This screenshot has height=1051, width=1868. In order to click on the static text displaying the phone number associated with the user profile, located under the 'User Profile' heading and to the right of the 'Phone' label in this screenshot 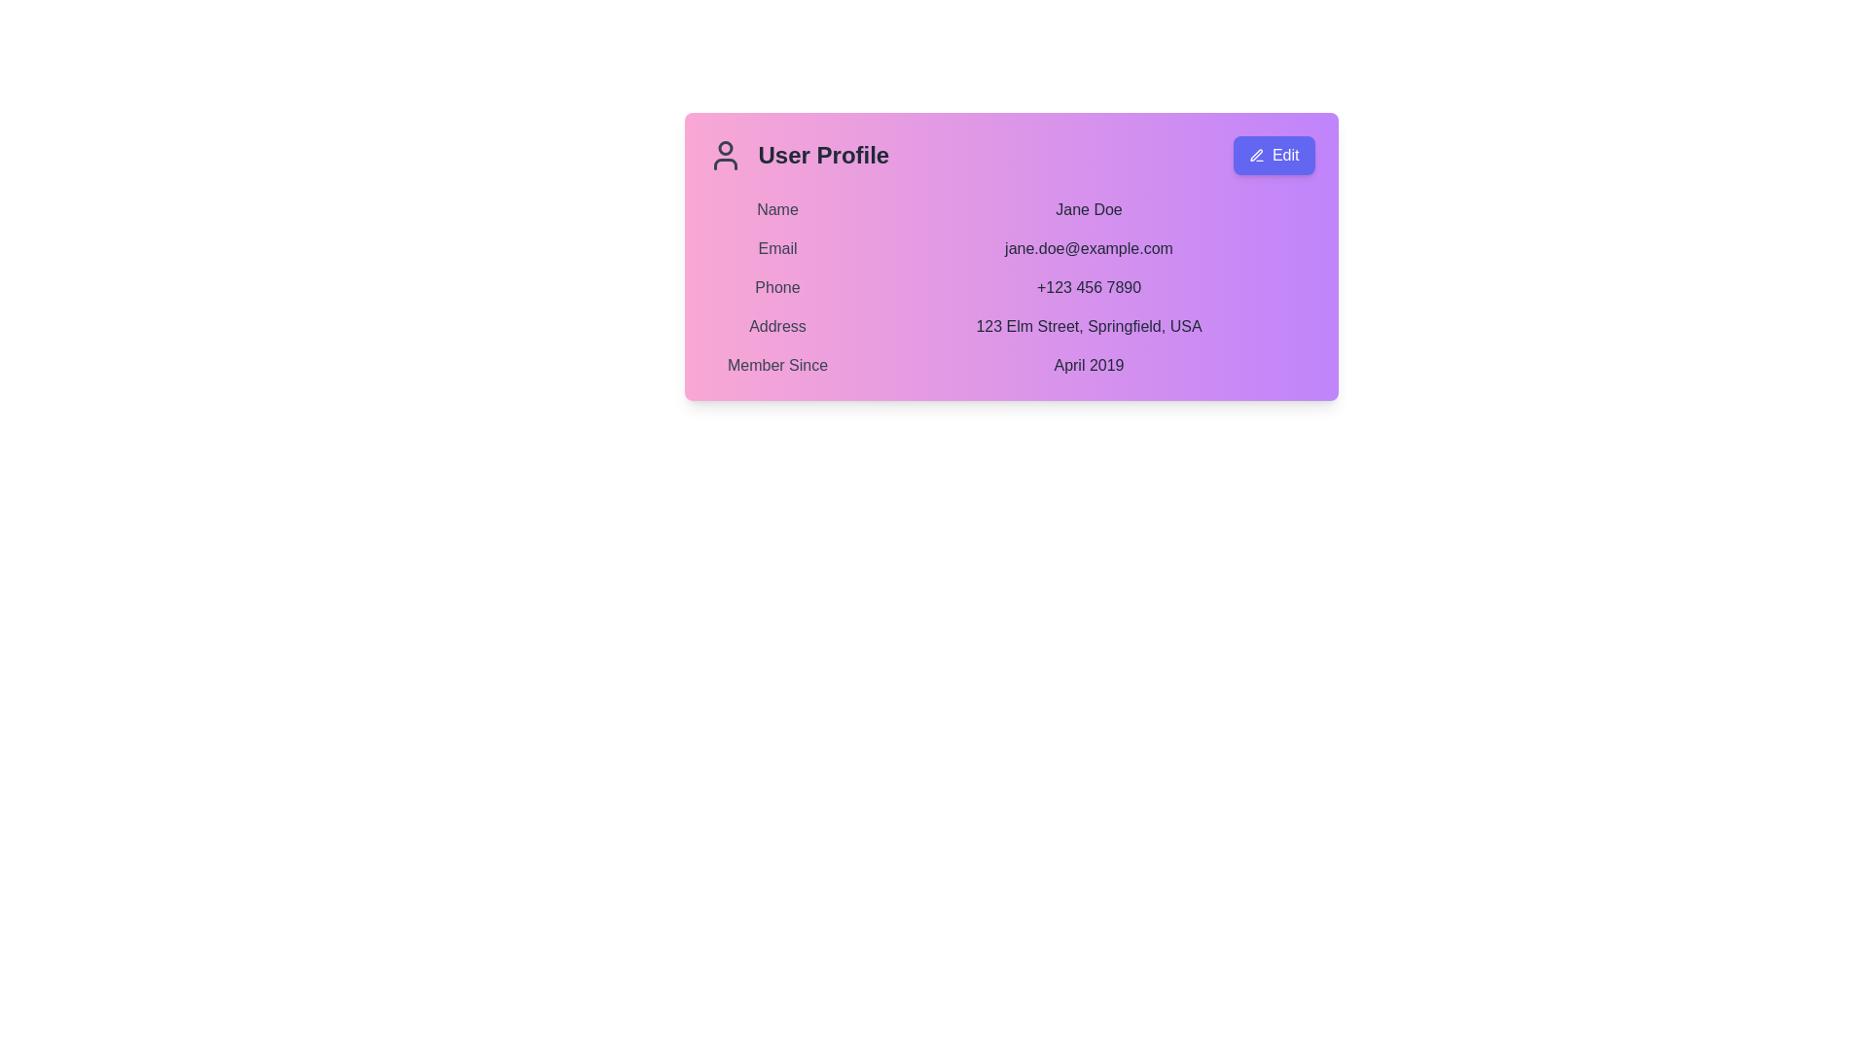, I will do `click(1088, 288)`.